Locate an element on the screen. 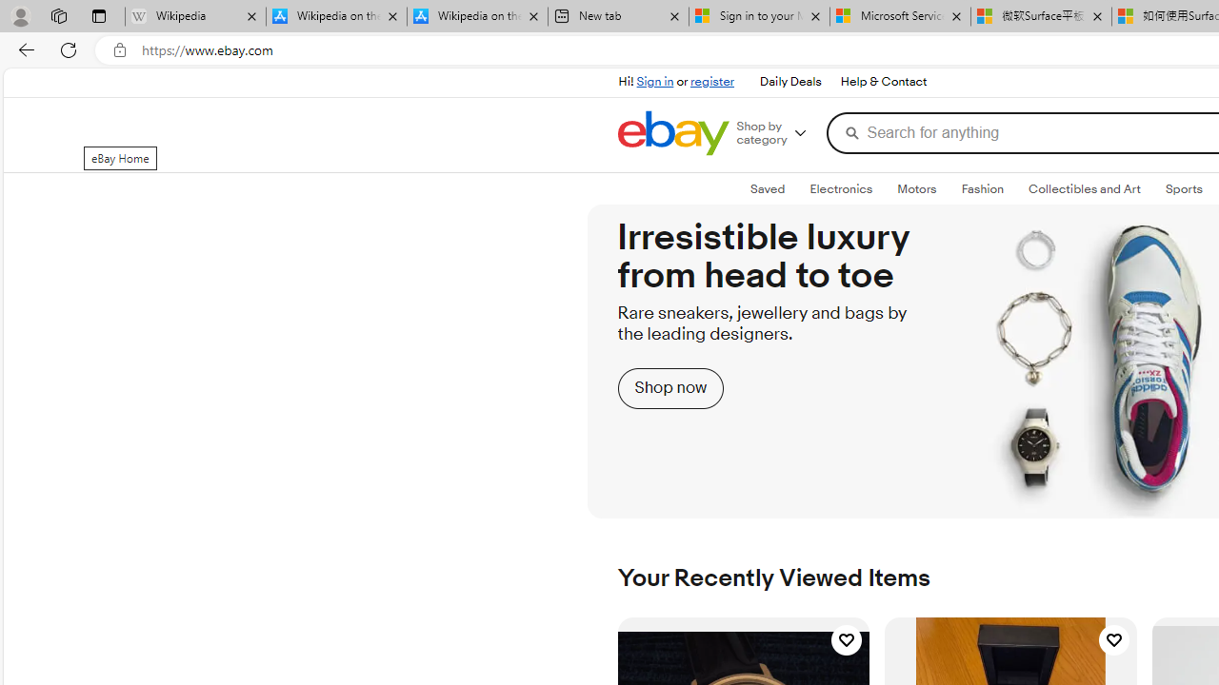 Image resolution: width=1219 pixels, height=685 pixels. 'Saved' is located at coordinates (769, 189).